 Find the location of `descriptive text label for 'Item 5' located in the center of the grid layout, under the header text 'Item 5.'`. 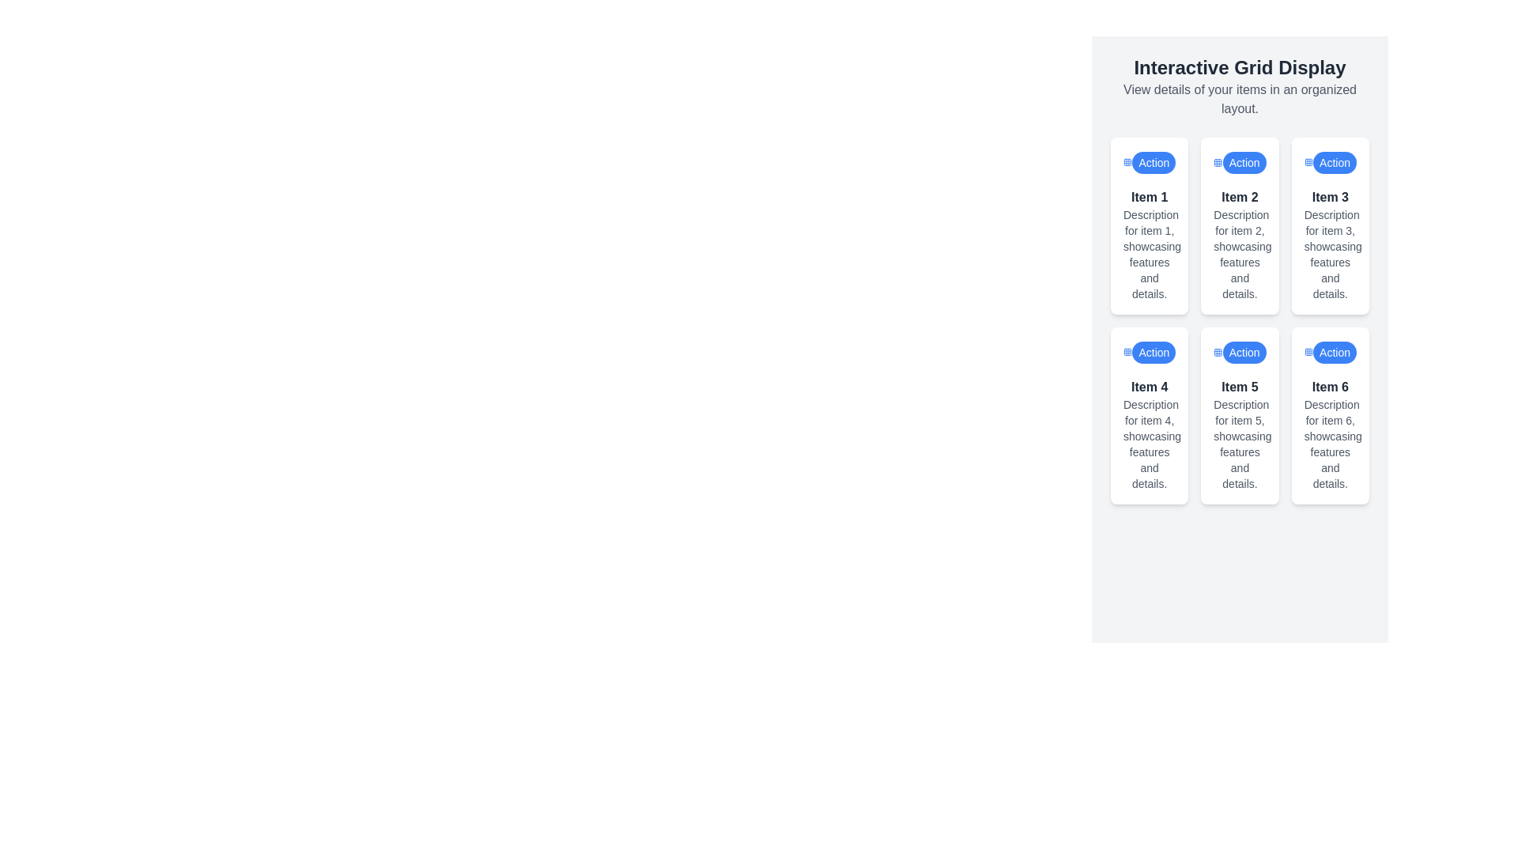

descriptive text label for 'Item 5' located in the center of the grid layout, under the header text 'Item 5.' is located at coordinates (1239, 444).